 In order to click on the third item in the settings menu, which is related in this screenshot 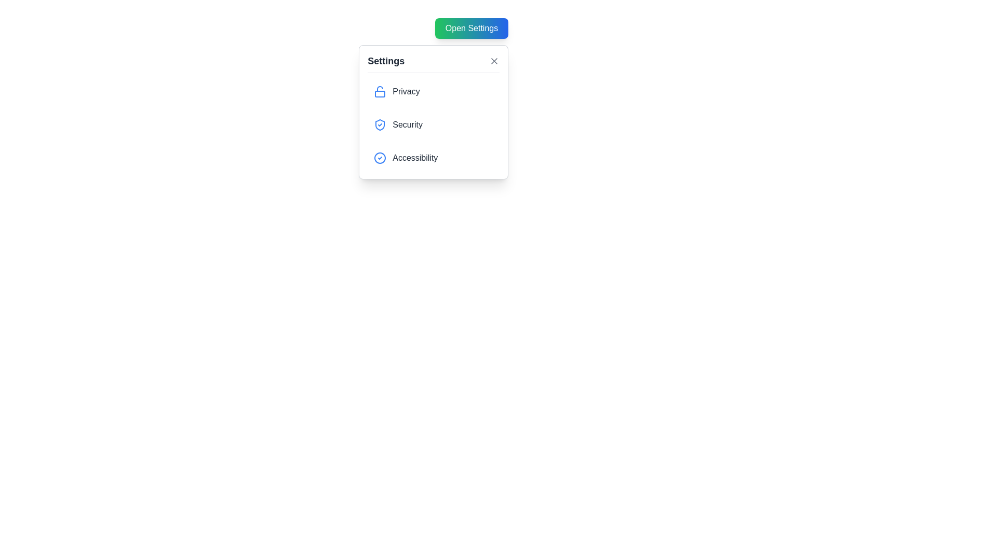, I will do `click(434, 158)`.